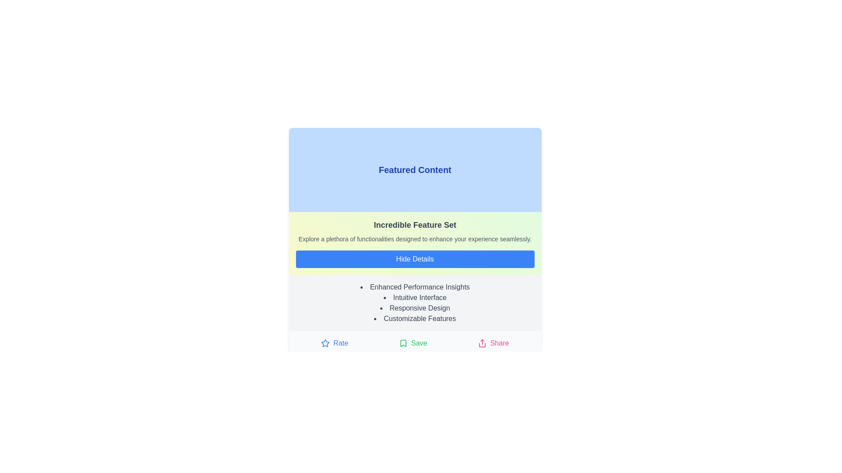  Describe the element at coordinates (493, 342) in the screenshot. I see `the 'Share' button, which is the rightmost button in a group of three buttons labeled 'Rate', 'Save', and 'Share'` at that location.